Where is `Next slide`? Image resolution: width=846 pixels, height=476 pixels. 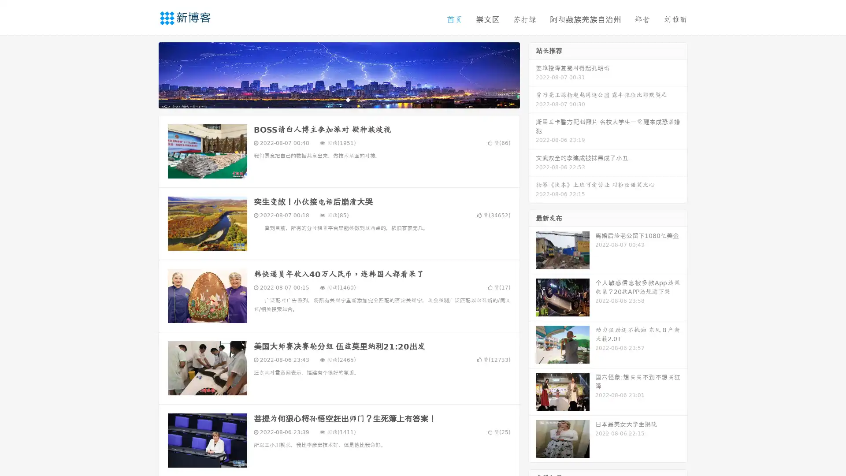
Next slide is located at coordinates (532, 74).